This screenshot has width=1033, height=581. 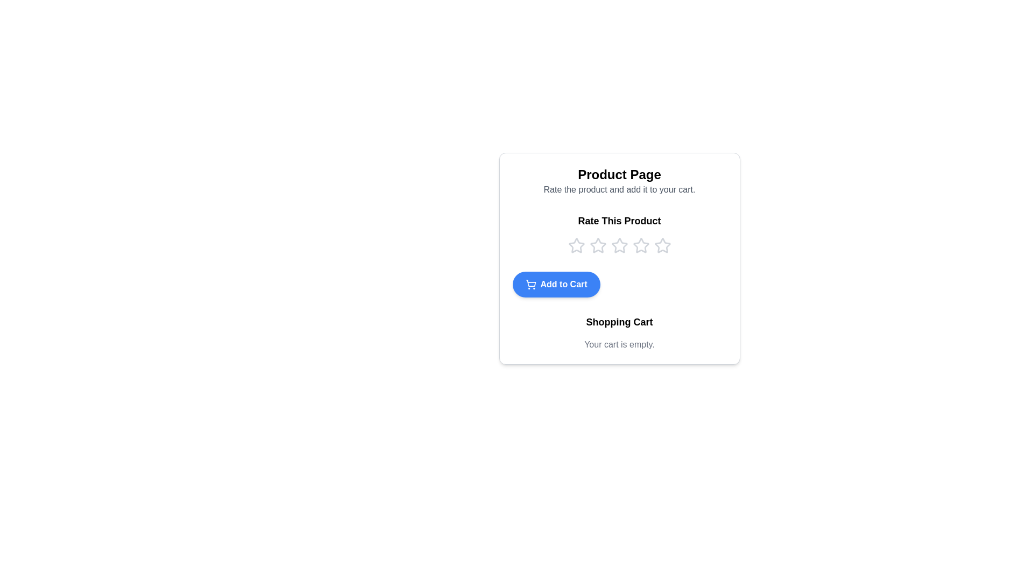 I want to click on the fifth star icon in the rating component labeled 'Rate This Product', so click(x=662, y=245).